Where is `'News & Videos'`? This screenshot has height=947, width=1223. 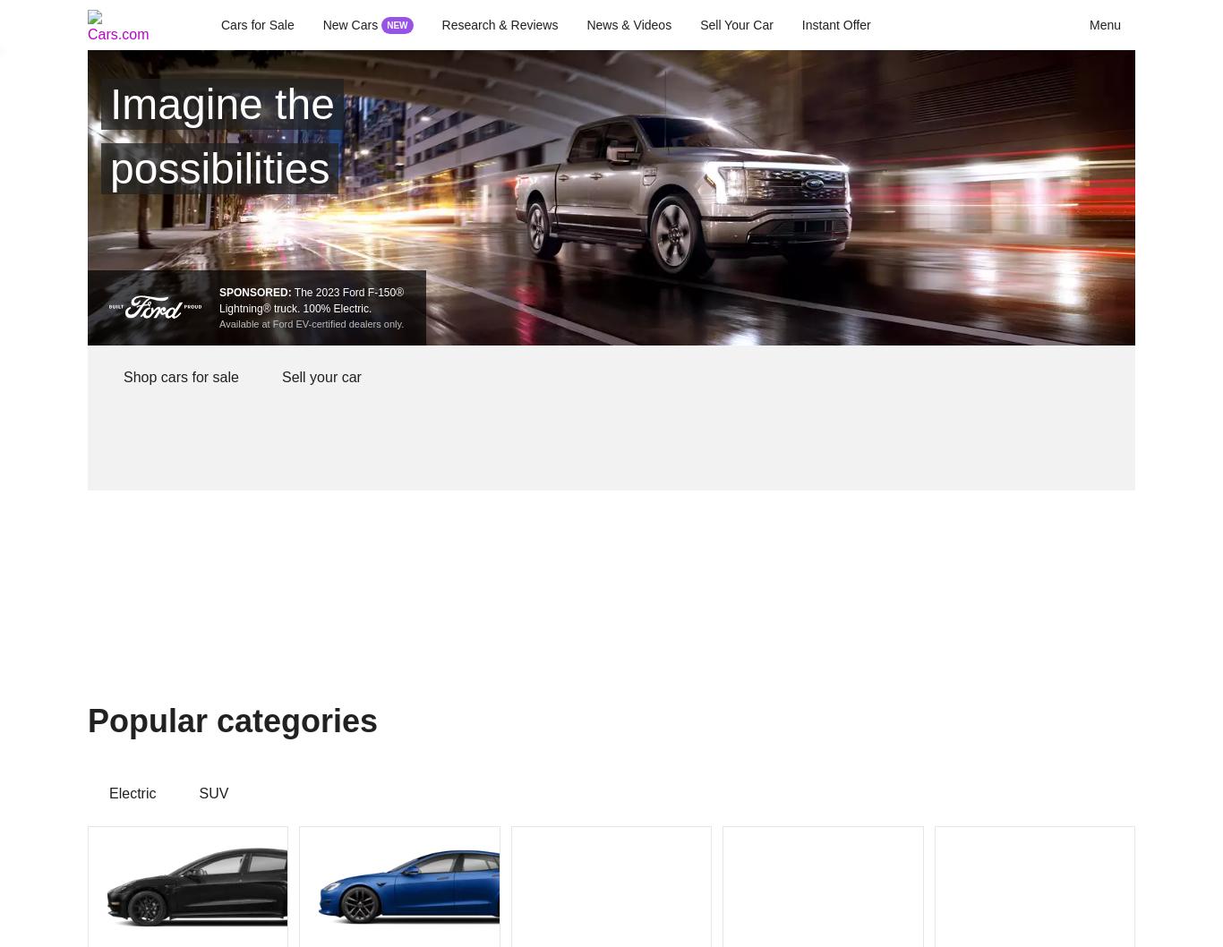
'News & Videos' is located at coordinates (629, 25).